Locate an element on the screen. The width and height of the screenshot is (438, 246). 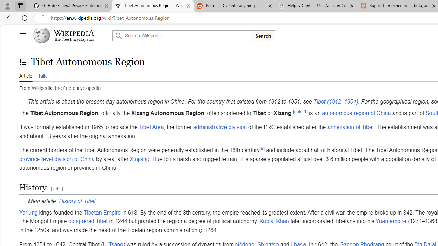
'GitHub General Privacy Statement - GitHub Docs' is located at coordinates (71, 6).